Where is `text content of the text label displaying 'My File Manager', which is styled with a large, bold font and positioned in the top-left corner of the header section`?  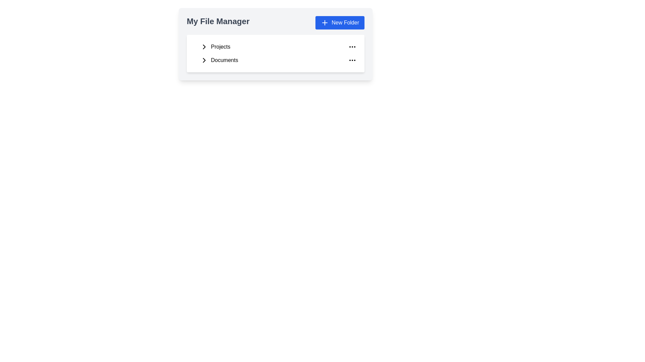
text content of the text label displaying 'My File Manager', which is styled with a large, bold font and positioned in the top-left corner of the header section is located at coordinates (218, 22).